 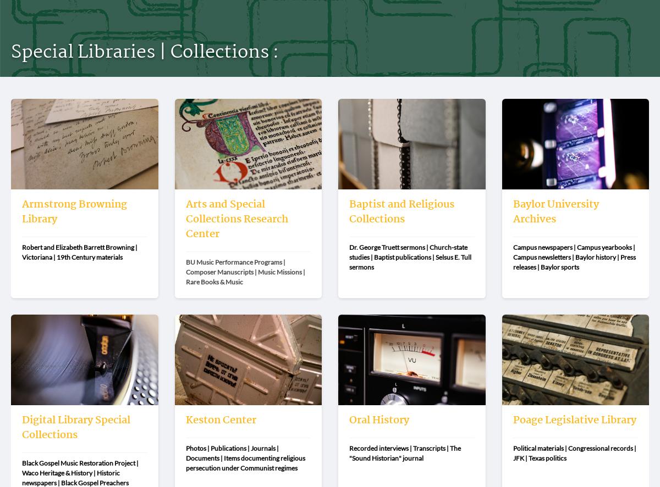 What do you see at coordinates (405, 452) in the screenshot?
I see `'Recorded interviews | Transcripts | The "Sound Historian" journal'` at bounding box center [405, 452].